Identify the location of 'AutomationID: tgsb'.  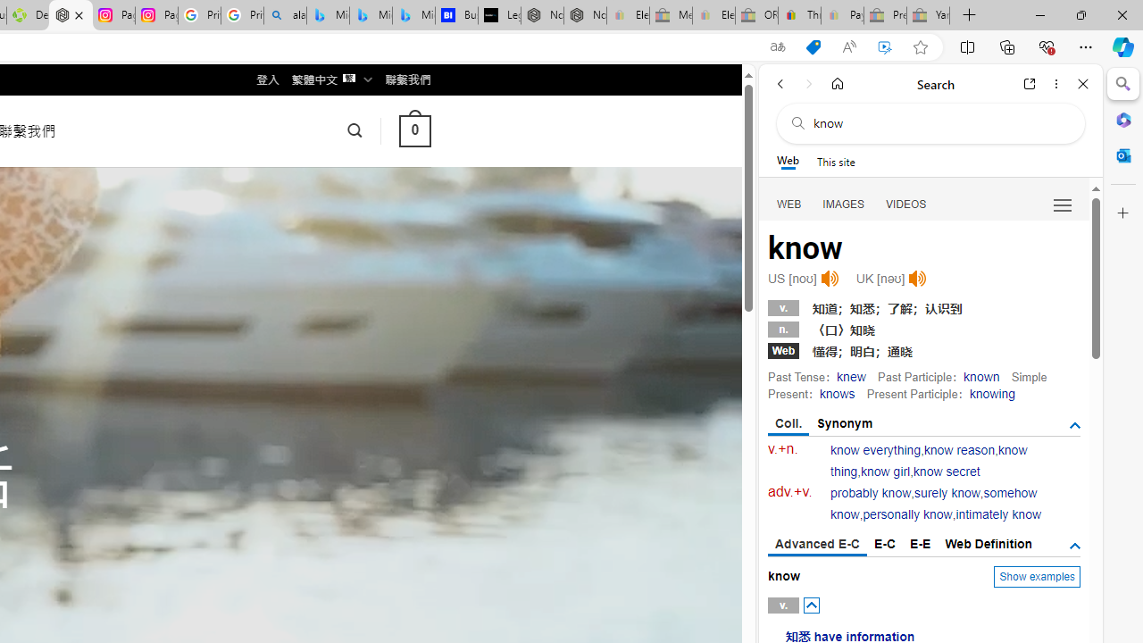
(1073, 426).